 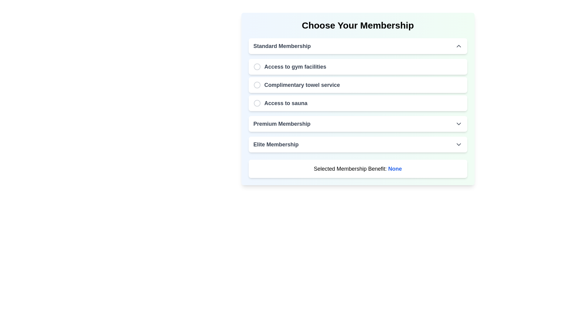 I want to click on the Informational text box that indicates the currently selected membership benefit, located below the 'Elite Membership' section, so click(x=358, y=169).